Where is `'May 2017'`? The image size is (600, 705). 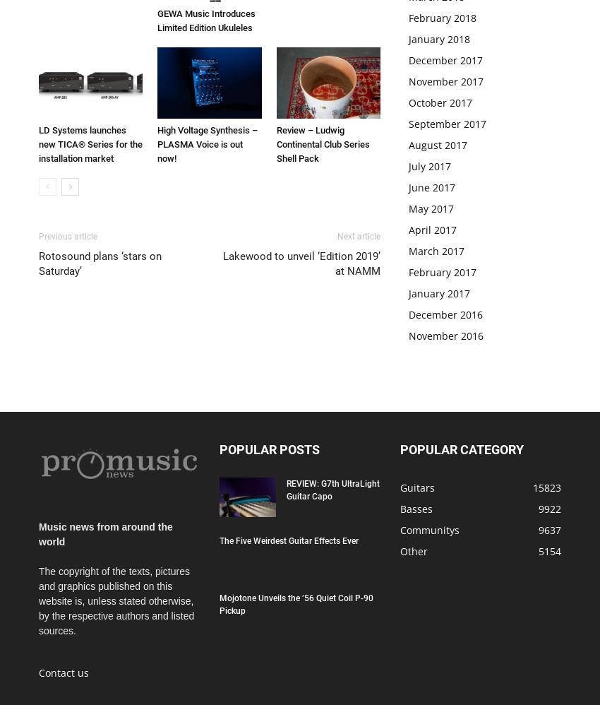
'May 2017' is located at coordinates (409, 208).